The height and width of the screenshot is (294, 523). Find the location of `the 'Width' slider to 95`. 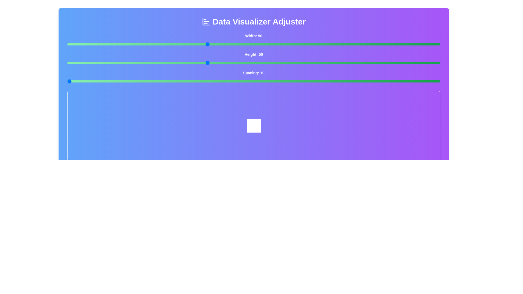

the 'Width' slider to 95 is located at coordinates (416, 44).